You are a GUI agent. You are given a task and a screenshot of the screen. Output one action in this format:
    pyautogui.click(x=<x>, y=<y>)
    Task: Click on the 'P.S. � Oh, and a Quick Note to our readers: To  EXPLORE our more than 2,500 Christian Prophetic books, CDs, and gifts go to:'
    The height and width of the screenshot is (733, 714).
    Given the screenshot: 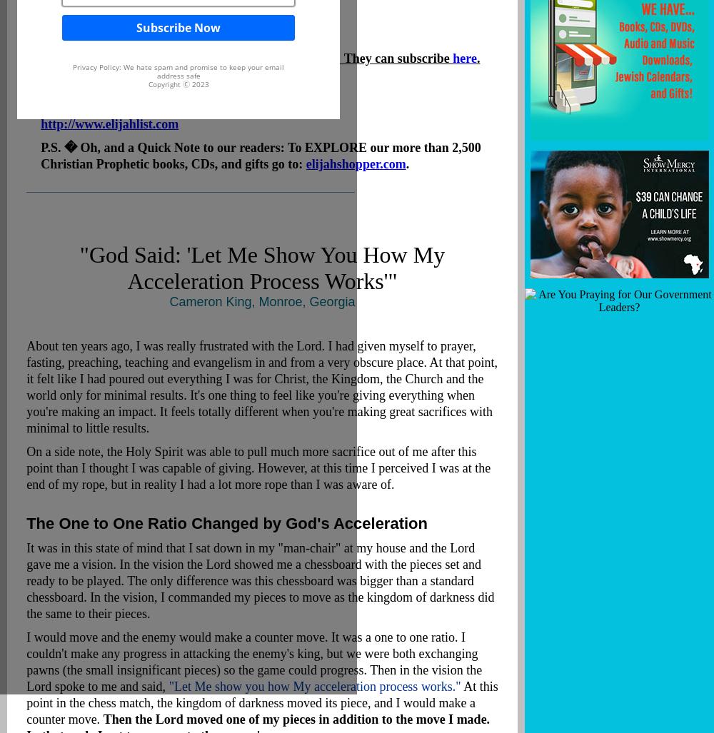 What is the action you would take?
    pyautogui.click(x=260, y=155)
    